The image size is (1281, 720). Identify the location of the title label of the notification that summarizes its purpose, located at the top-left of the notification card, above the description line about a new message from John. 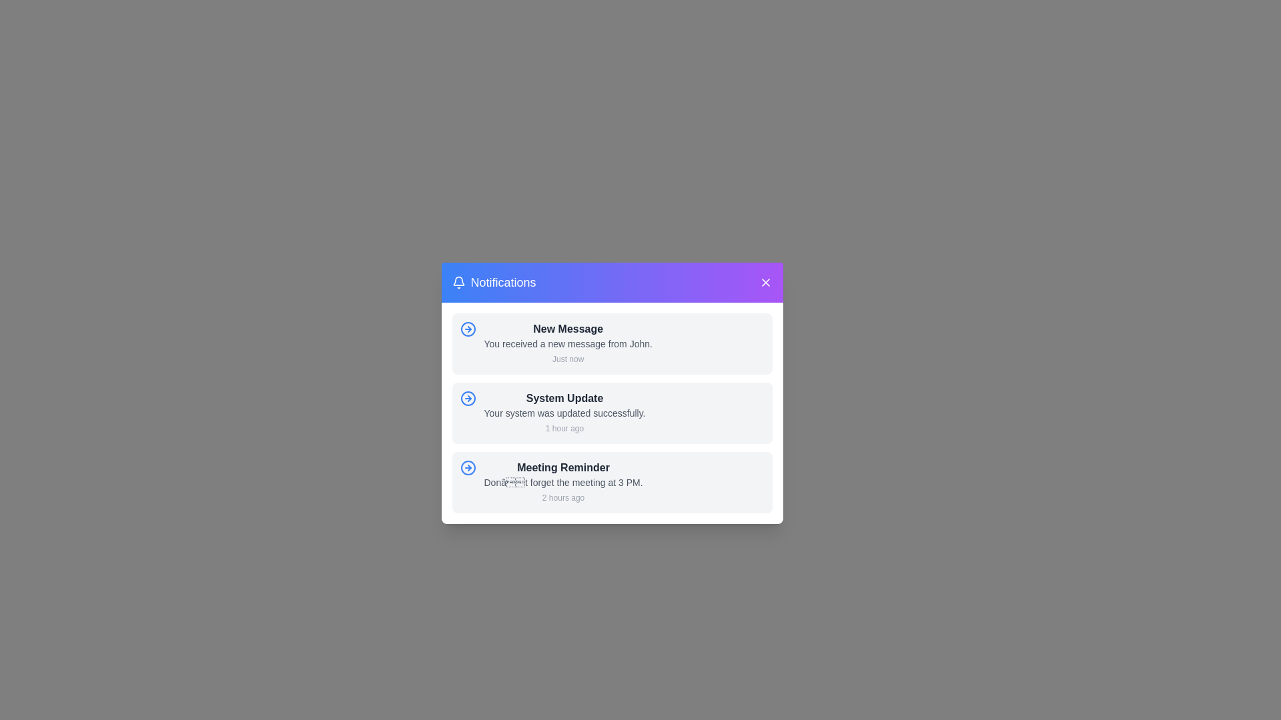
(568, 329).